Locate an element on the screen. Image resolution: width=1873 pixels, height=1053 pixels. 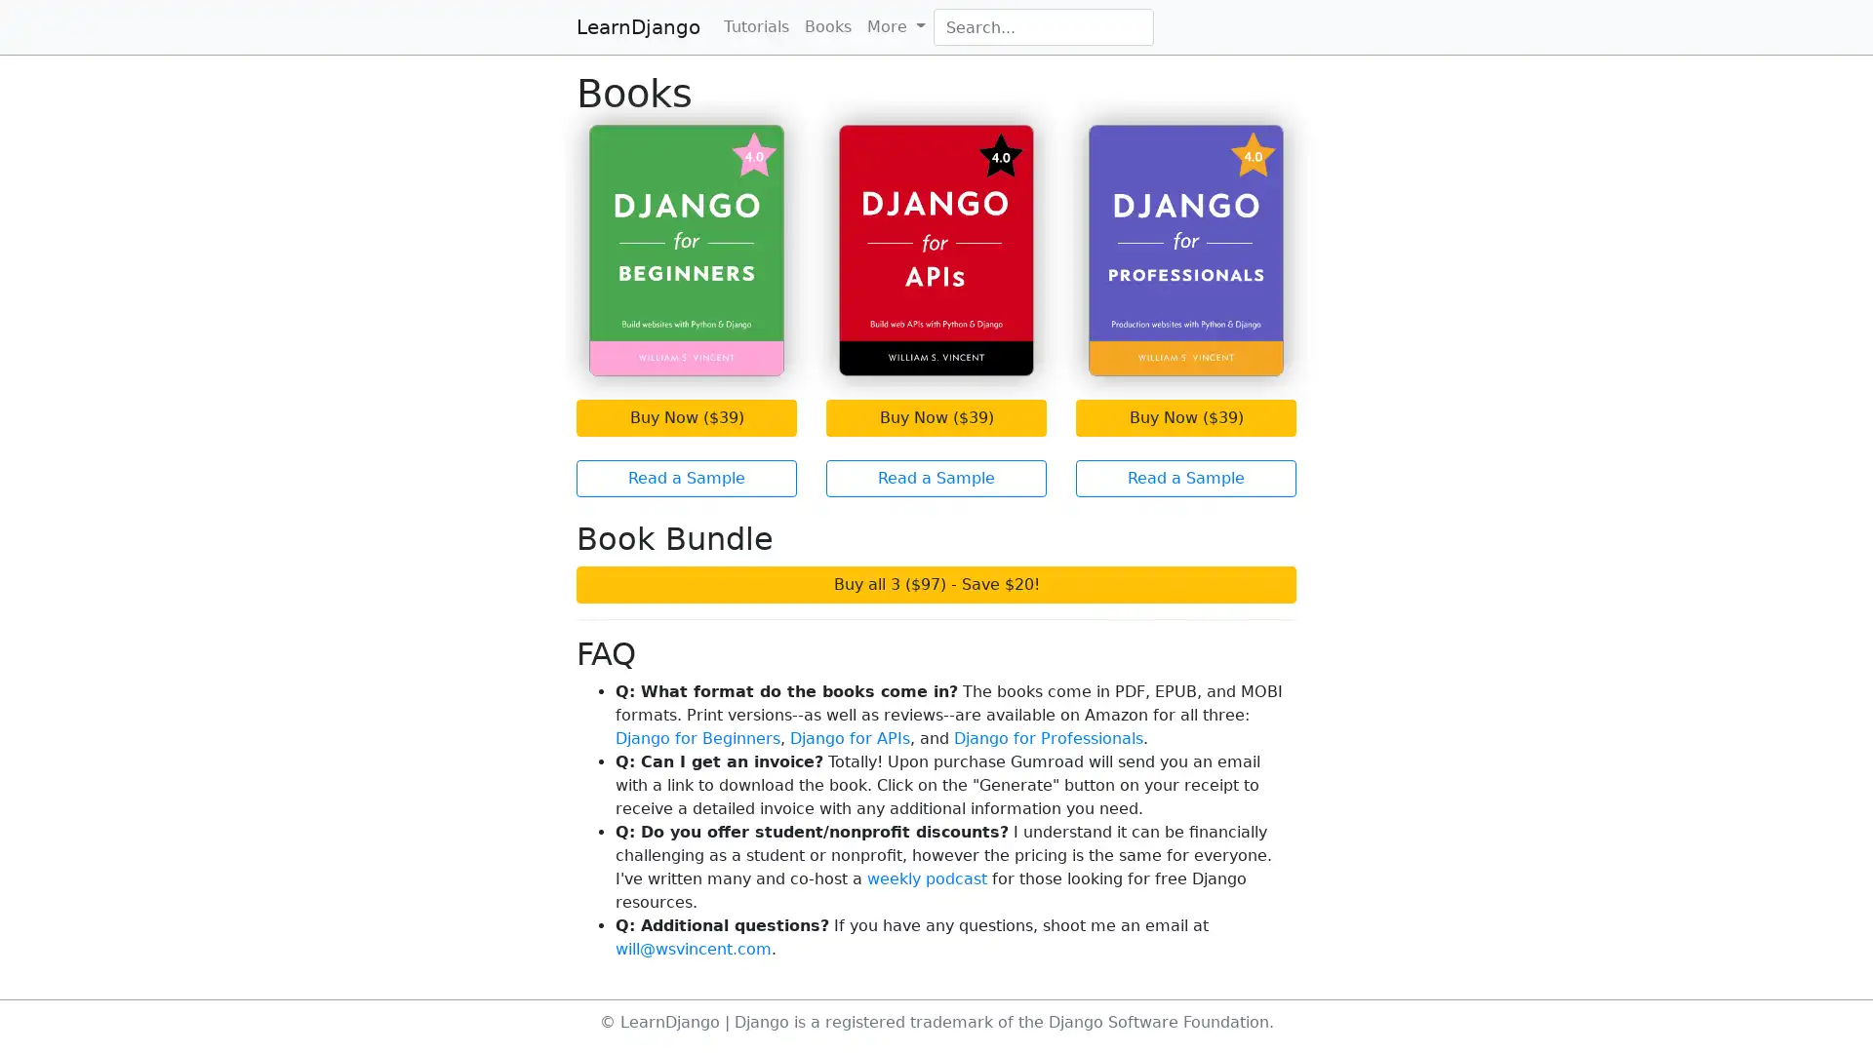
Buy Now ($39) is located at coordinates (1184, 416).